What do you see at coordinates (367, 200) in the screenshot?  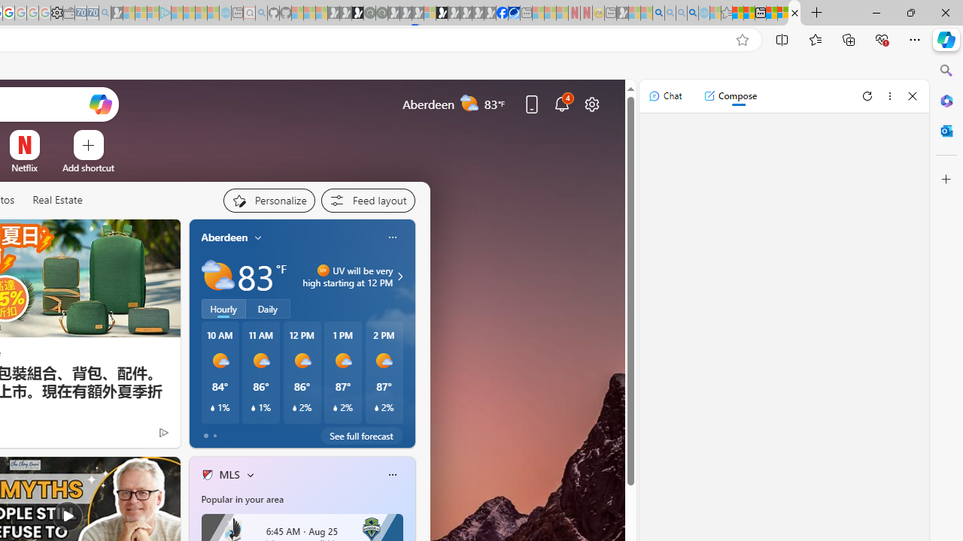 I see `'Feed settings'` at bounding box center [367, 200].